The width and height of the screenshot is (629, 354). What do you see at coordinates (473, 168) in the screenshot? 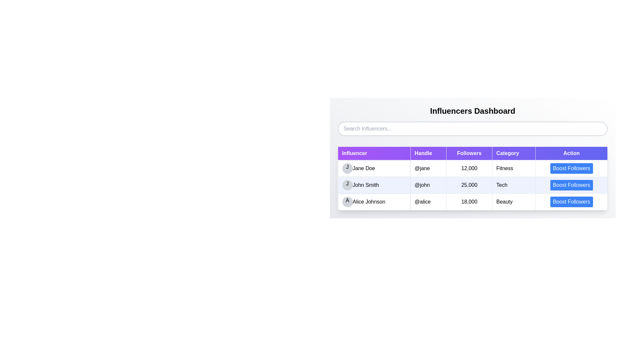
I see `the first row of the table that displays influencer details, including their profile picture, name, handle, follower count, category, and action button for follower enhancement` at bounding box center [473, 168].